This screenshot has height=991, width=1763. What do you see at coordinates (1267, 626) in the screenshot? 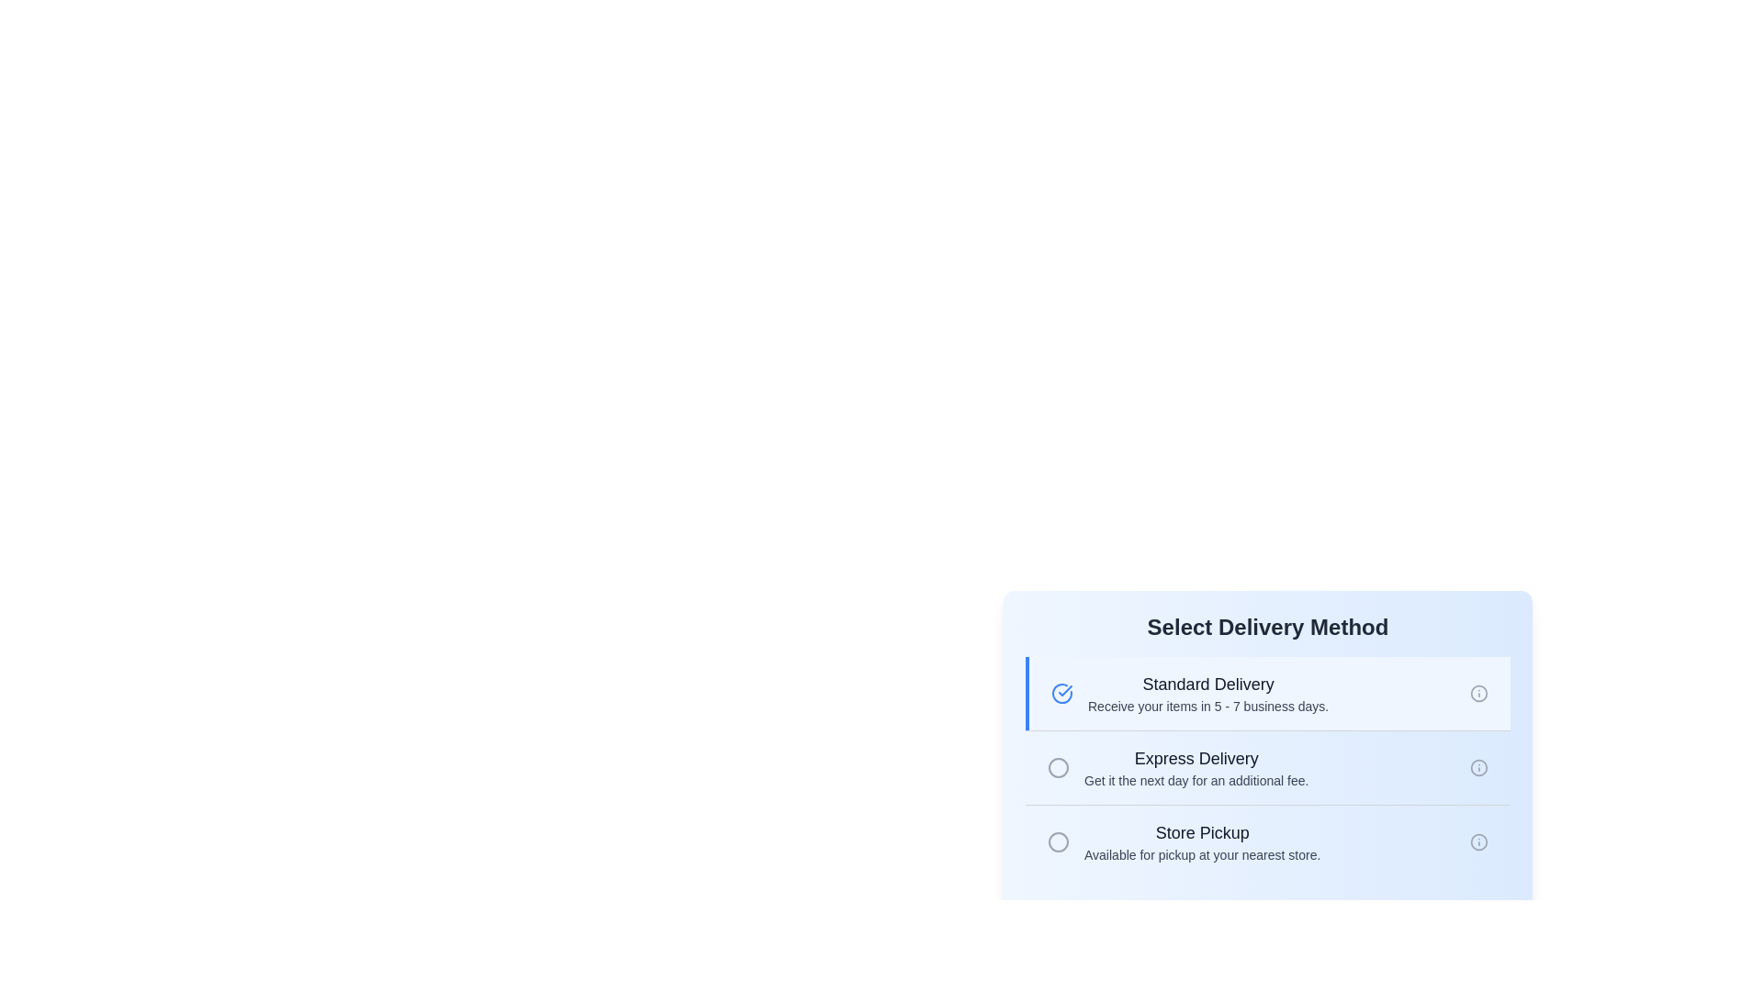
I see `the title text label for the delivery options section, which guides the user to select their preferred delivery method` at bounding box center [1267, 626].